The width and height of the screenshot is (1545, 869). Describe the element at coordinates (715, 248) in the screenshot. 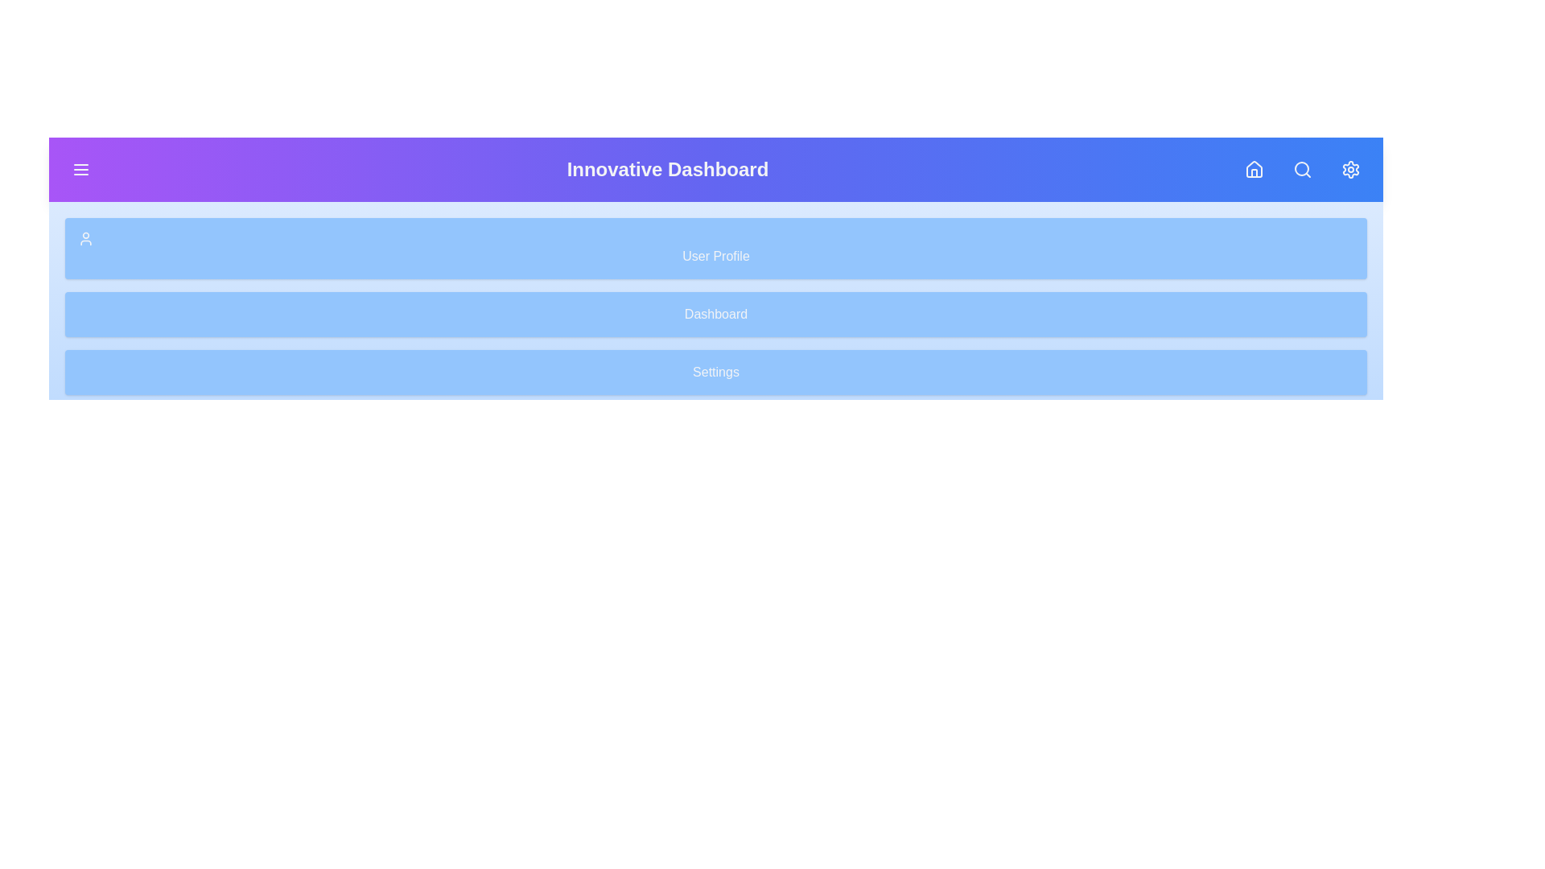

I see `the sidebar menu item User Profile` at that location.